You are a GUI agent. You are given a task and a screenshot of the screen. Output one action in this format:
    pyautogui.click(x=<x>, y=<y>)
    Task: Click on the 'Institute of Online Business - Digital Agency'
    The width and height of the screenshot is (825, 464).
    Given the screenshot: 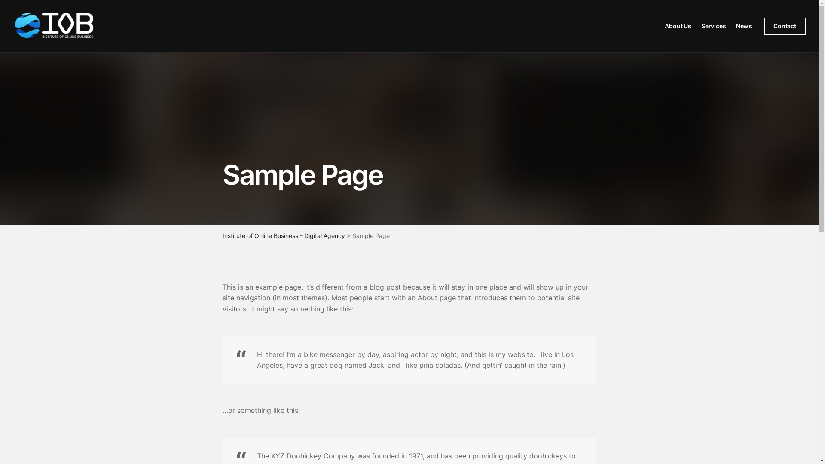 What is the action you would take?
    pyautogui.click(x=223, y=235)
    